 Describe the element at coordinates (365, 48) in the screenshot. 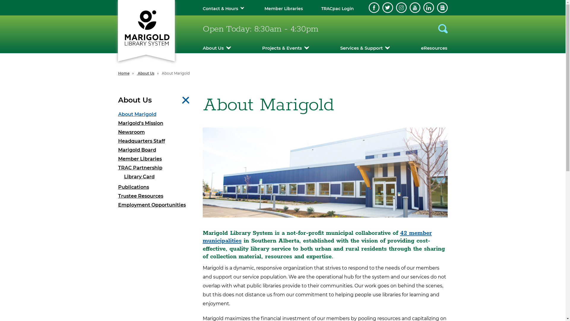

I see `'Services & Support'` at that location.